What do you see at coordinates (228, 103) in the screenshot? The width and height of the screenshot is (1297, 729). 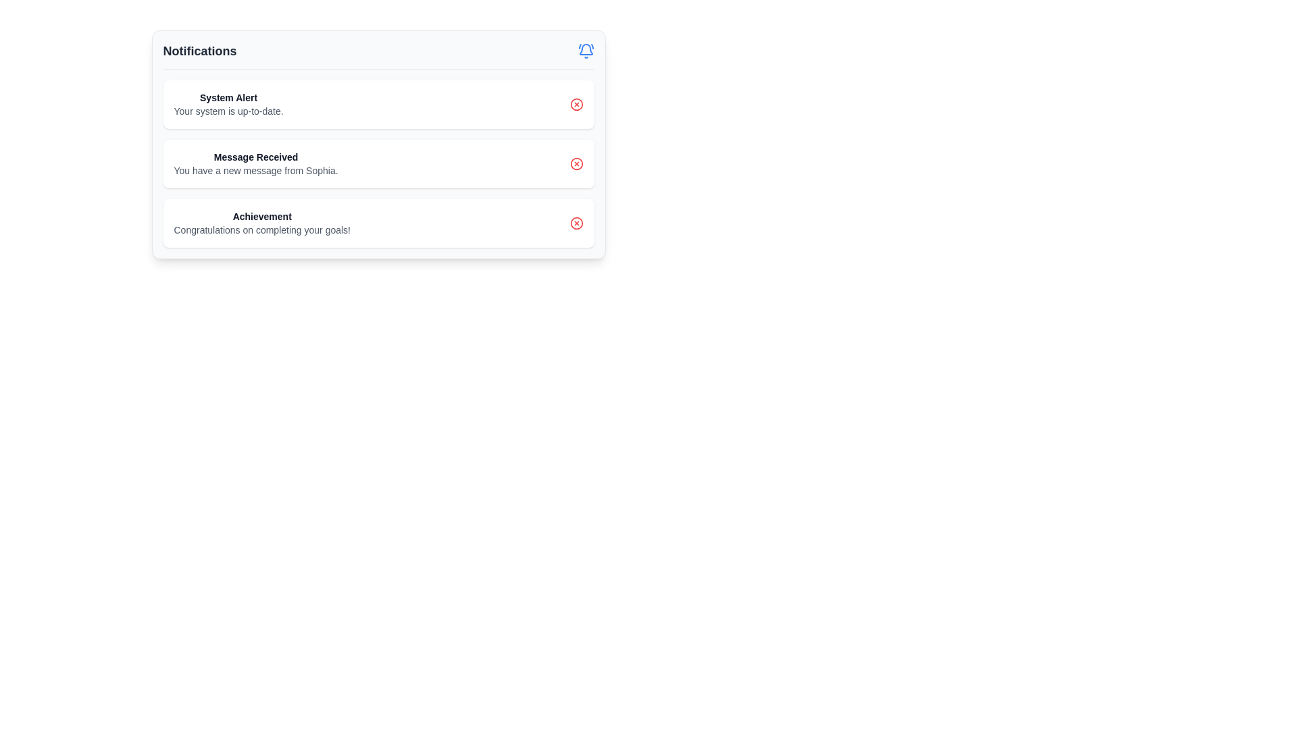 I see `the Notification Summary, which is the first item in the notification panel located near the top left` at bounding box center [228, 103].